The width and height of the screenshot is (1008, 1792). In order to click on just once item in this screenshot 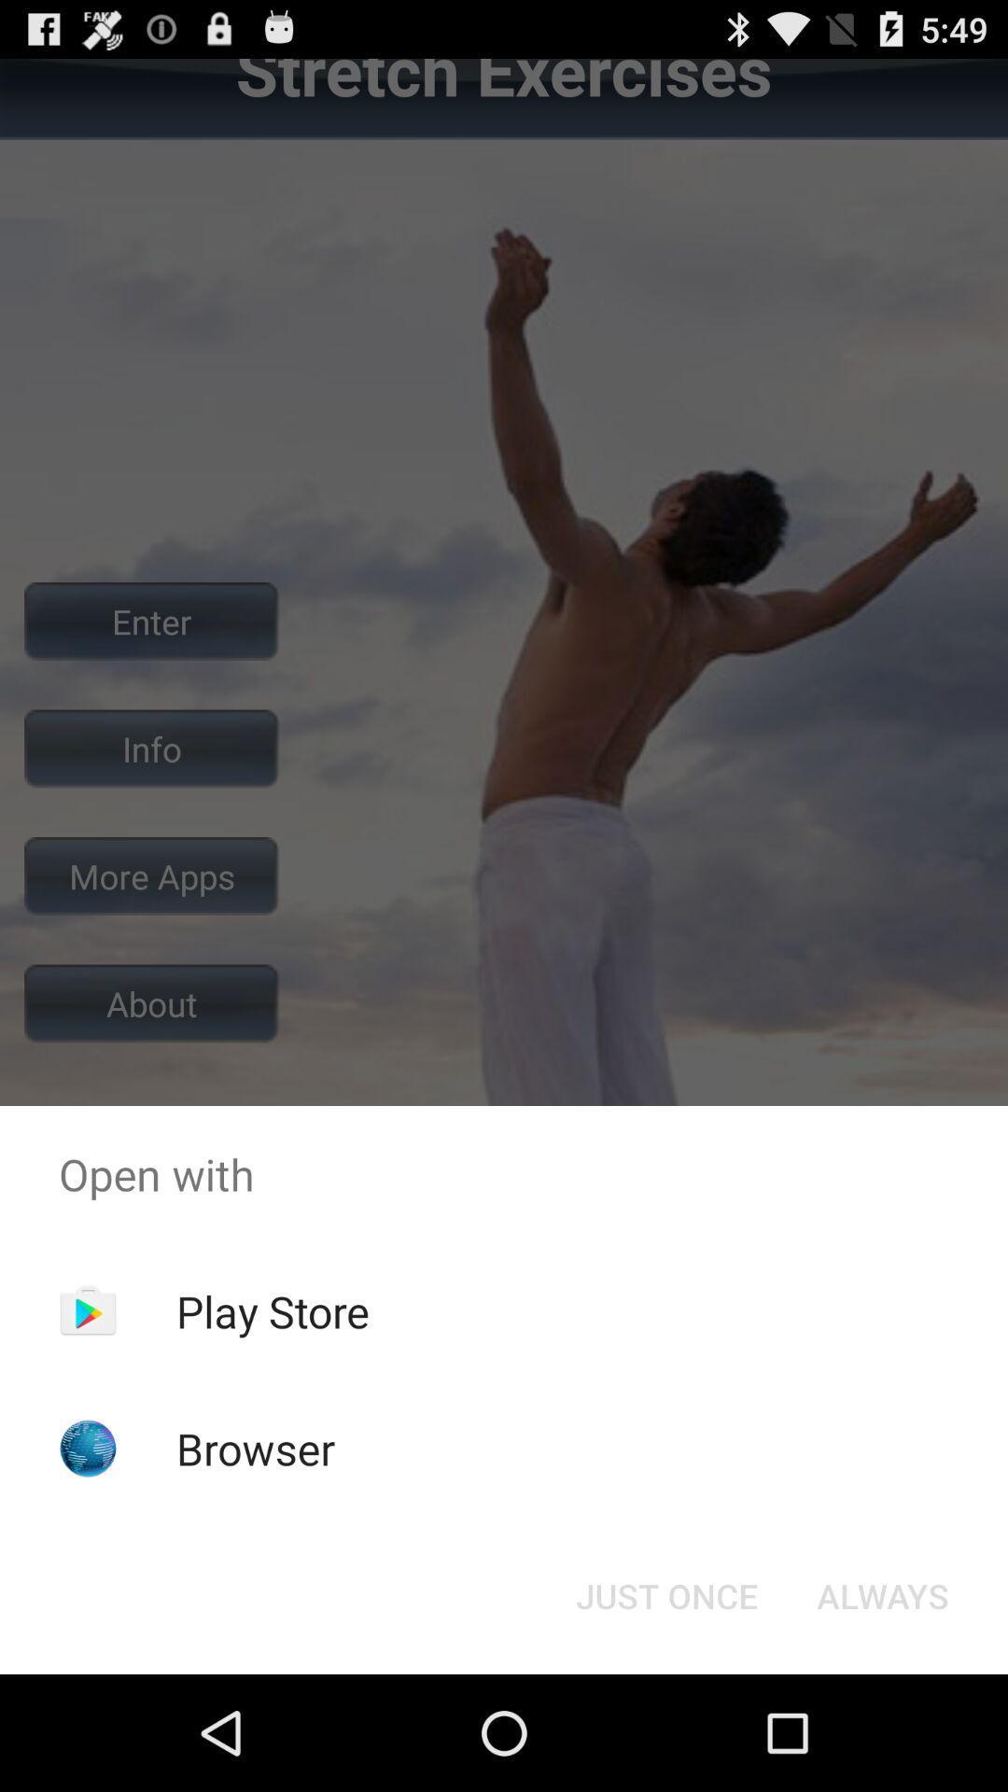, I will do `click(665, 1594)`.